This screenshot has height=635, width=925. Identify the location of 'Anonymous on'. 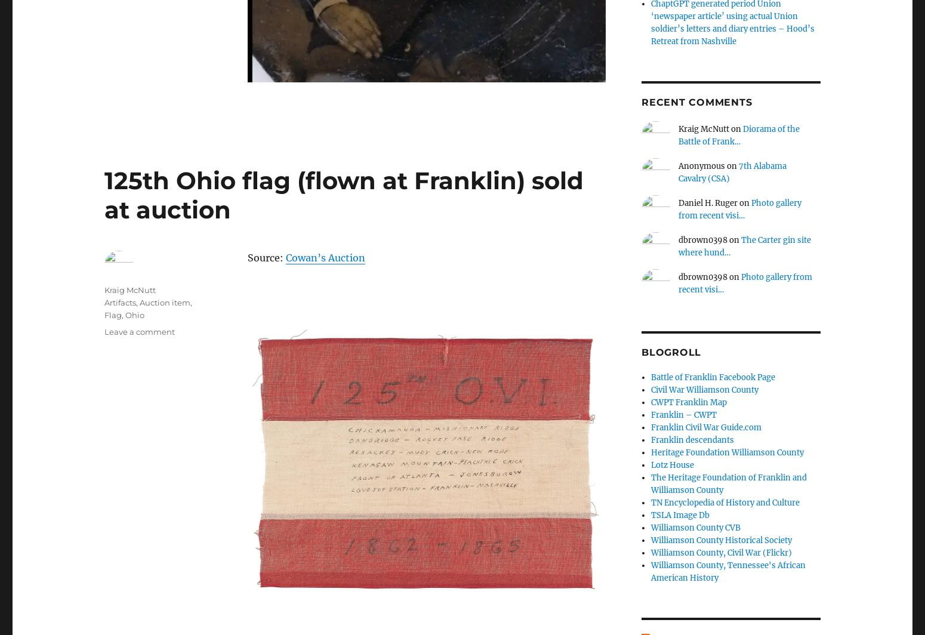
(708, 166).